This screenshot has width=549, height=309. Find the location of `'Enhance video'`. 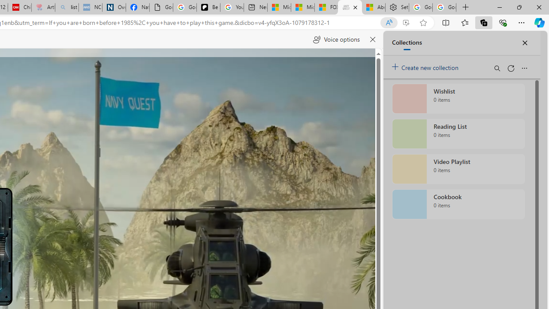

'Enhance video' is located at coordinates (405, 22).